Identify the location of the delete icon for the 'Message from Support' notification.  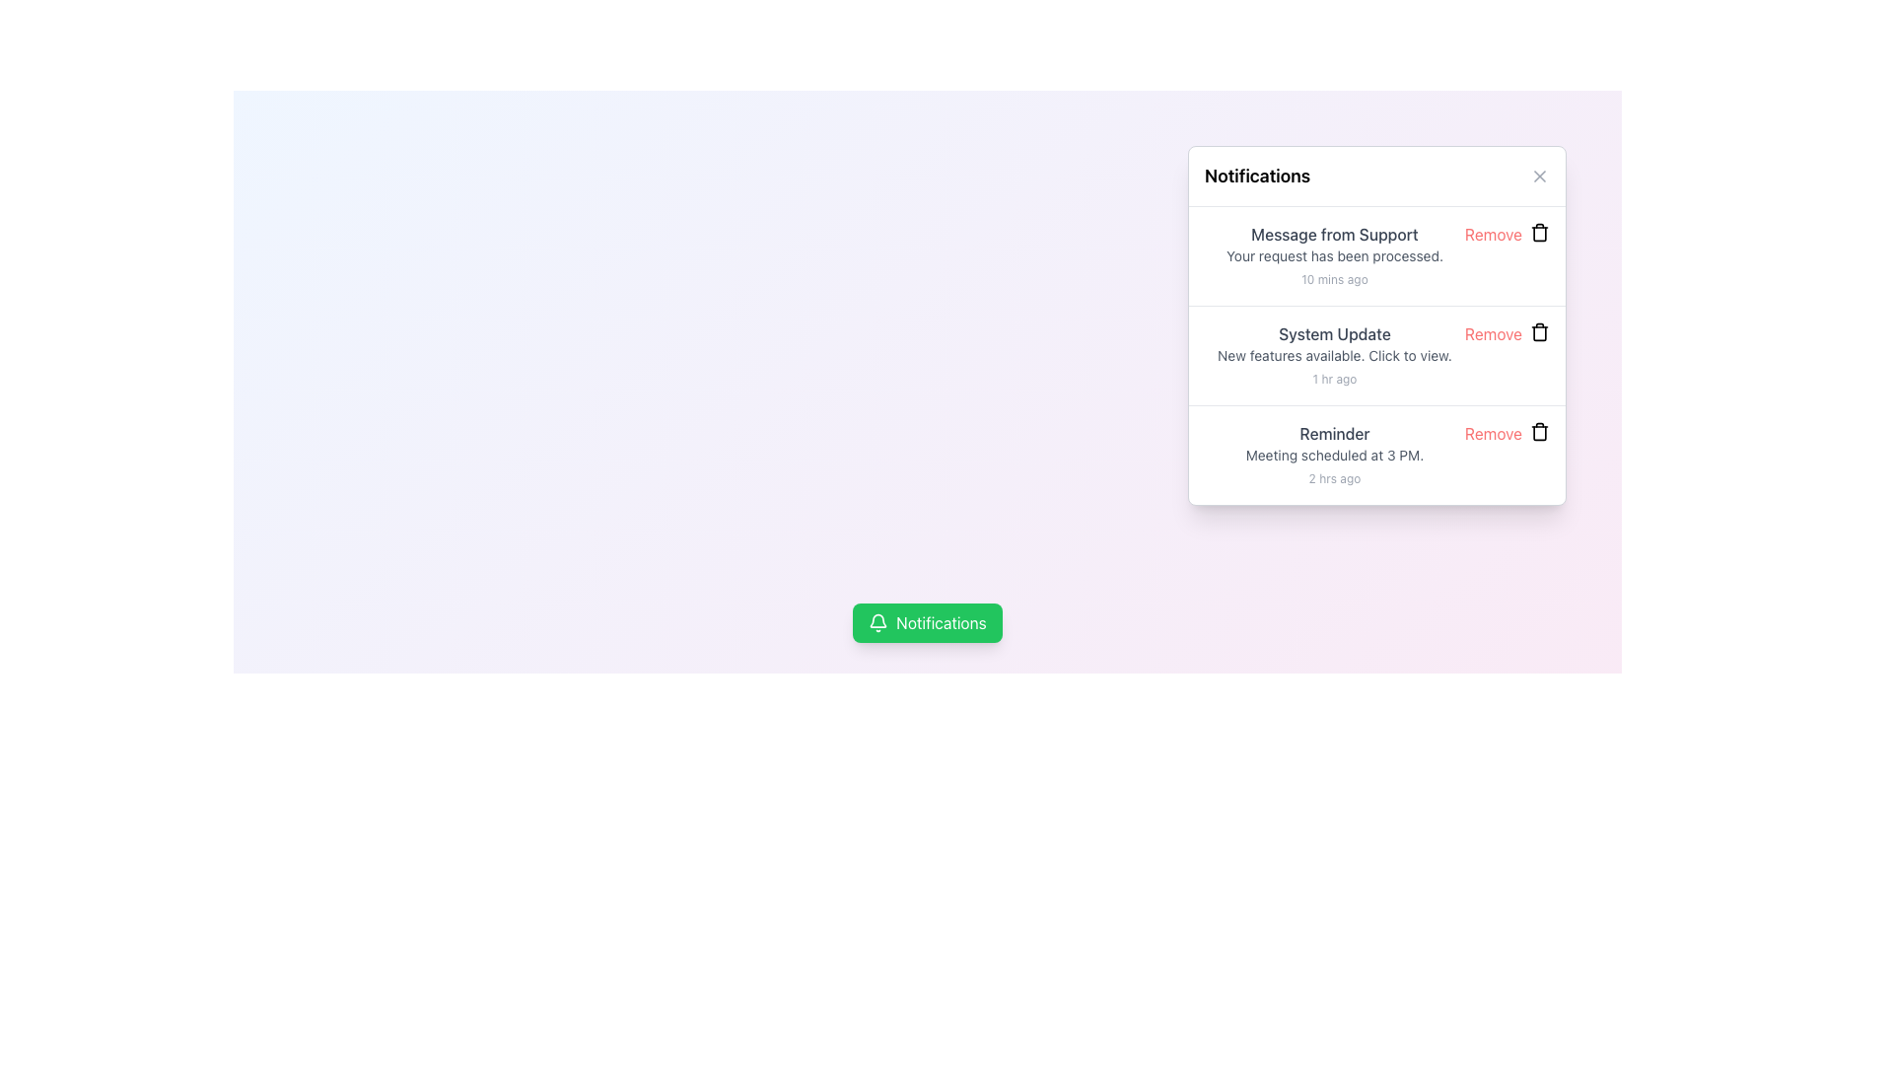
(1538, 231).